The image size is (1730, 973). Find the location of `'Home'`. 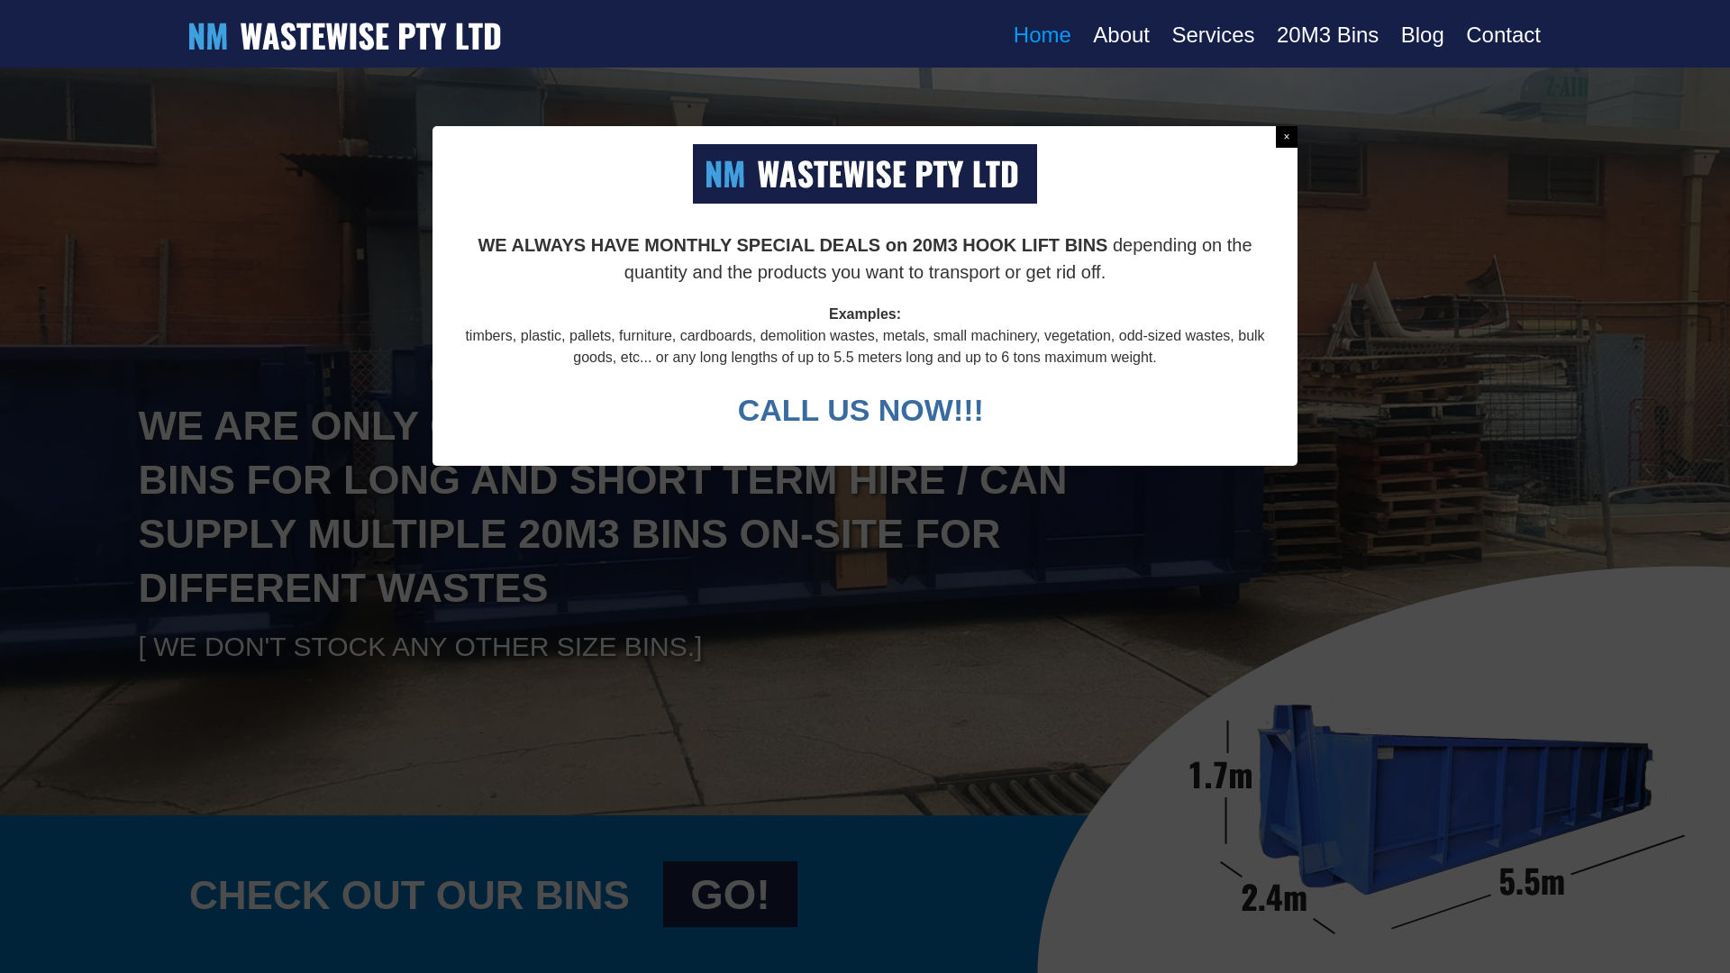

'Home' is located at coordinates (1042, 34).